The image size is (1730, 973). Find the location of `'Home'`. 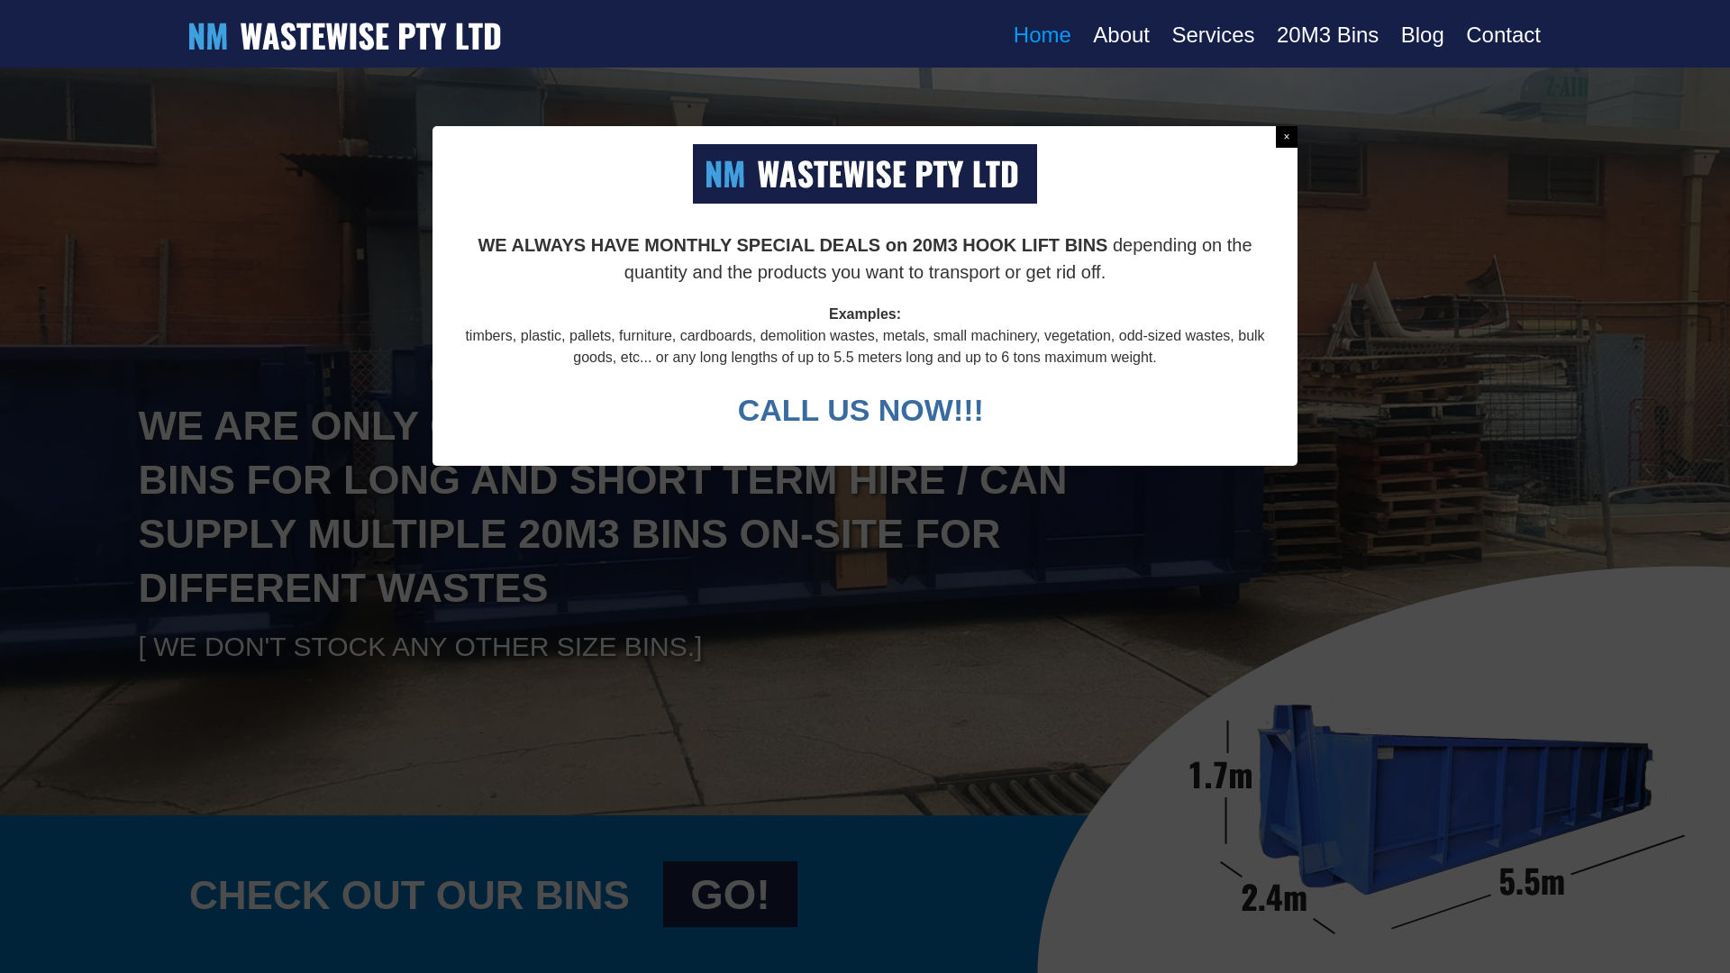

'Home' is located at coordinates (1042, 34).